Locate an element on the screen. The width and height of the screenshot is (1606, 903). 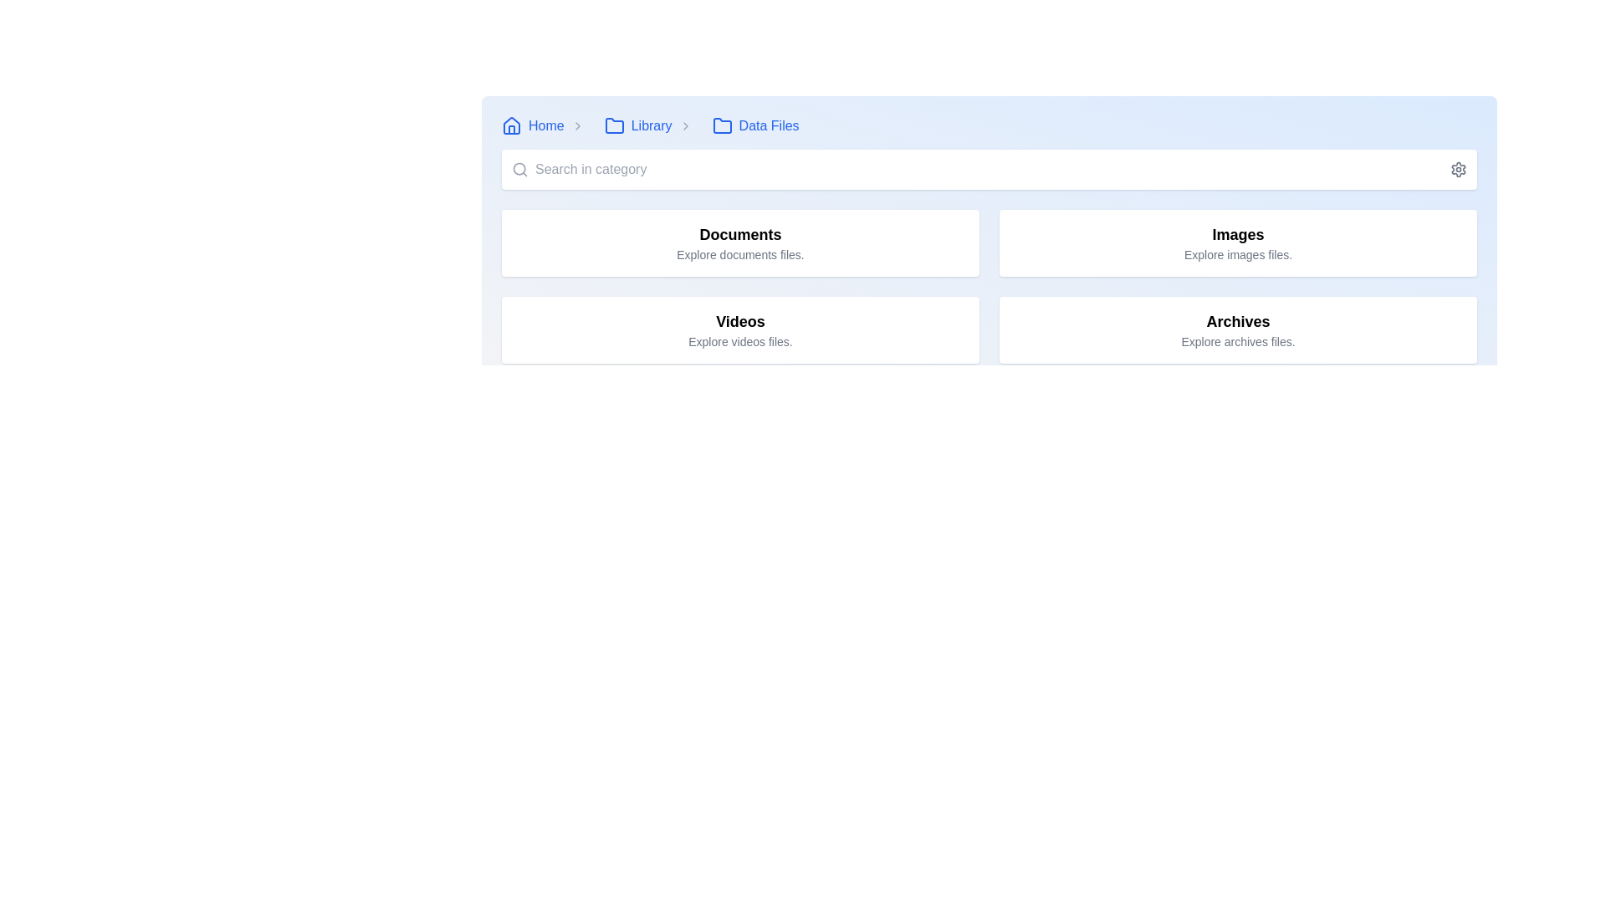
the folder icon located in the breadcrumb navigation bar, positioned between the 'Library' and 'Data Files' texts is located at coordinates (613, 125).